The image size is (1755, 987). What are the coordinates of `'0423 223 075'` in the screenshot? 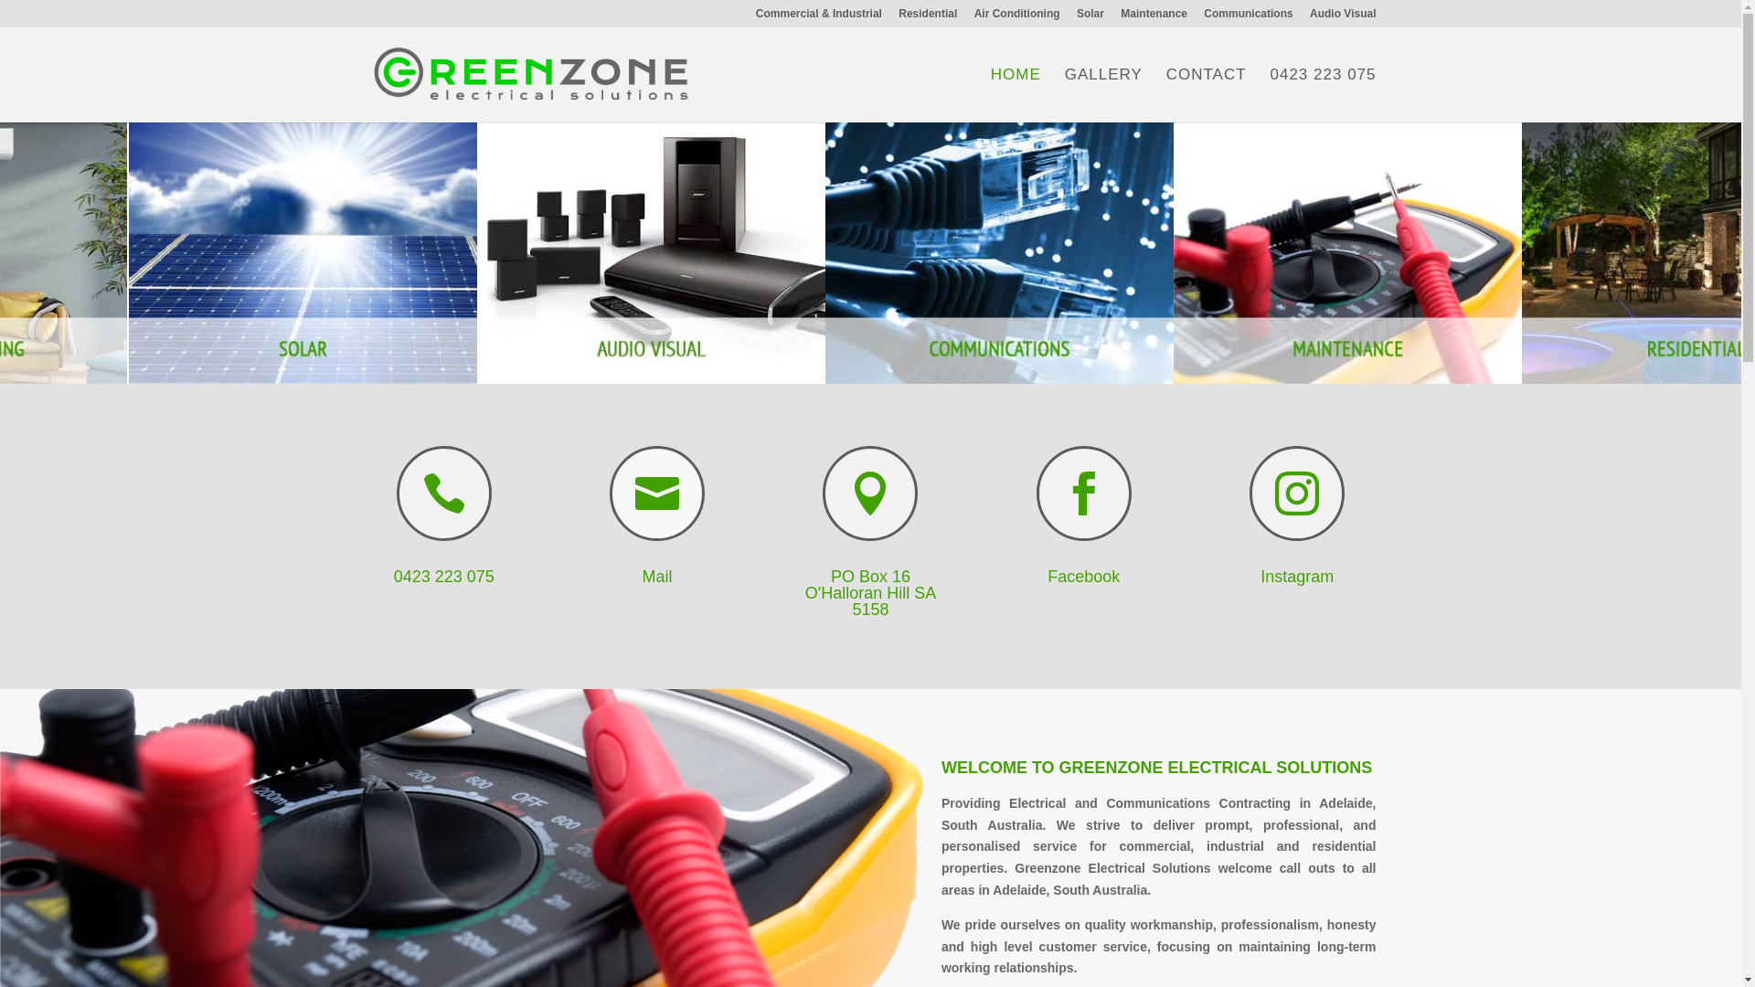 It's located at (393, 577).